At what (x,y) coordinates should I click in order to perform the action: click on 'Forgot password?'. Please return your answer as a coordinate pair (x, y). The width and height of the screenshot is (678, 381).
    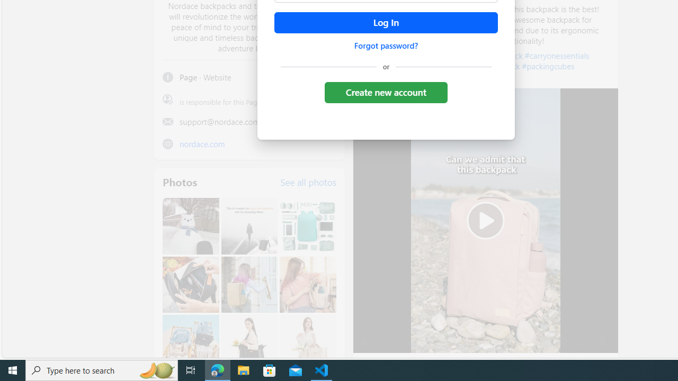
    Looking at the image, I should click on (385, 45).